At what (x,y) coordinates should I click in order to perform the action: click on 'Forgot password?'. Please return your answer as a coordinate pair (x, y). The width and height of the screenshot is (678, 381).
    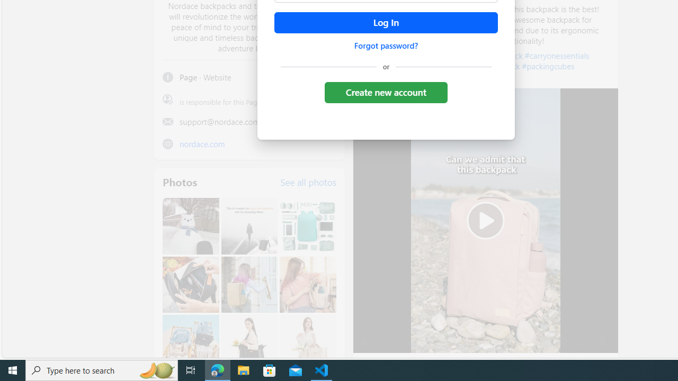
    Looking at the image, I should click on (385, 45).